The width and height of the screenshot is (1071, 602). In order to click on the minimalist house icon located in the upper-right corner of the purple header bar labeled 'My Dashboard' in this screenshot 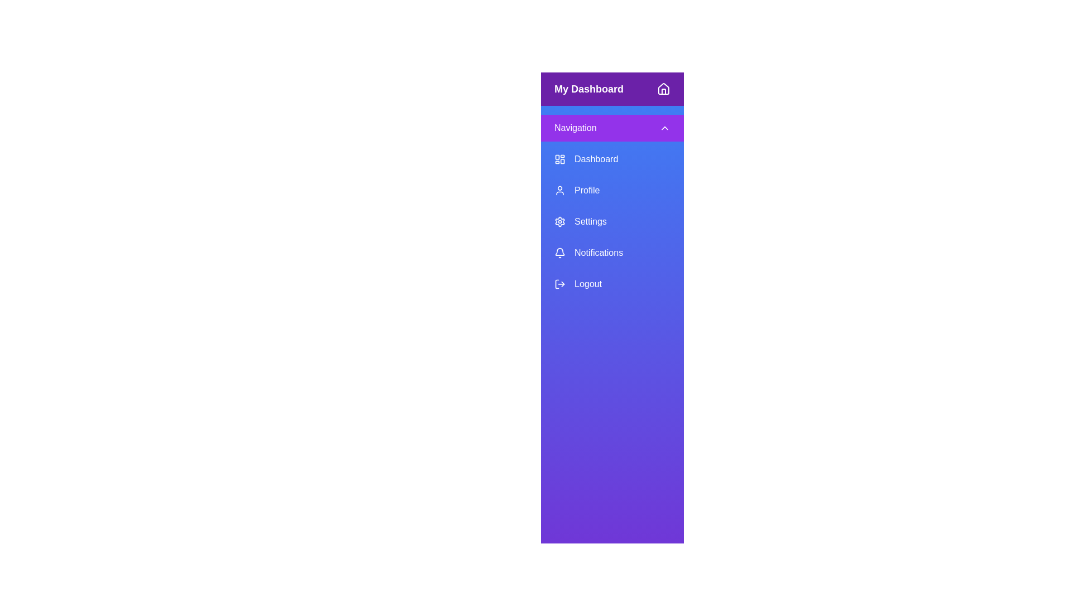, I will do `click(664, 88)`.